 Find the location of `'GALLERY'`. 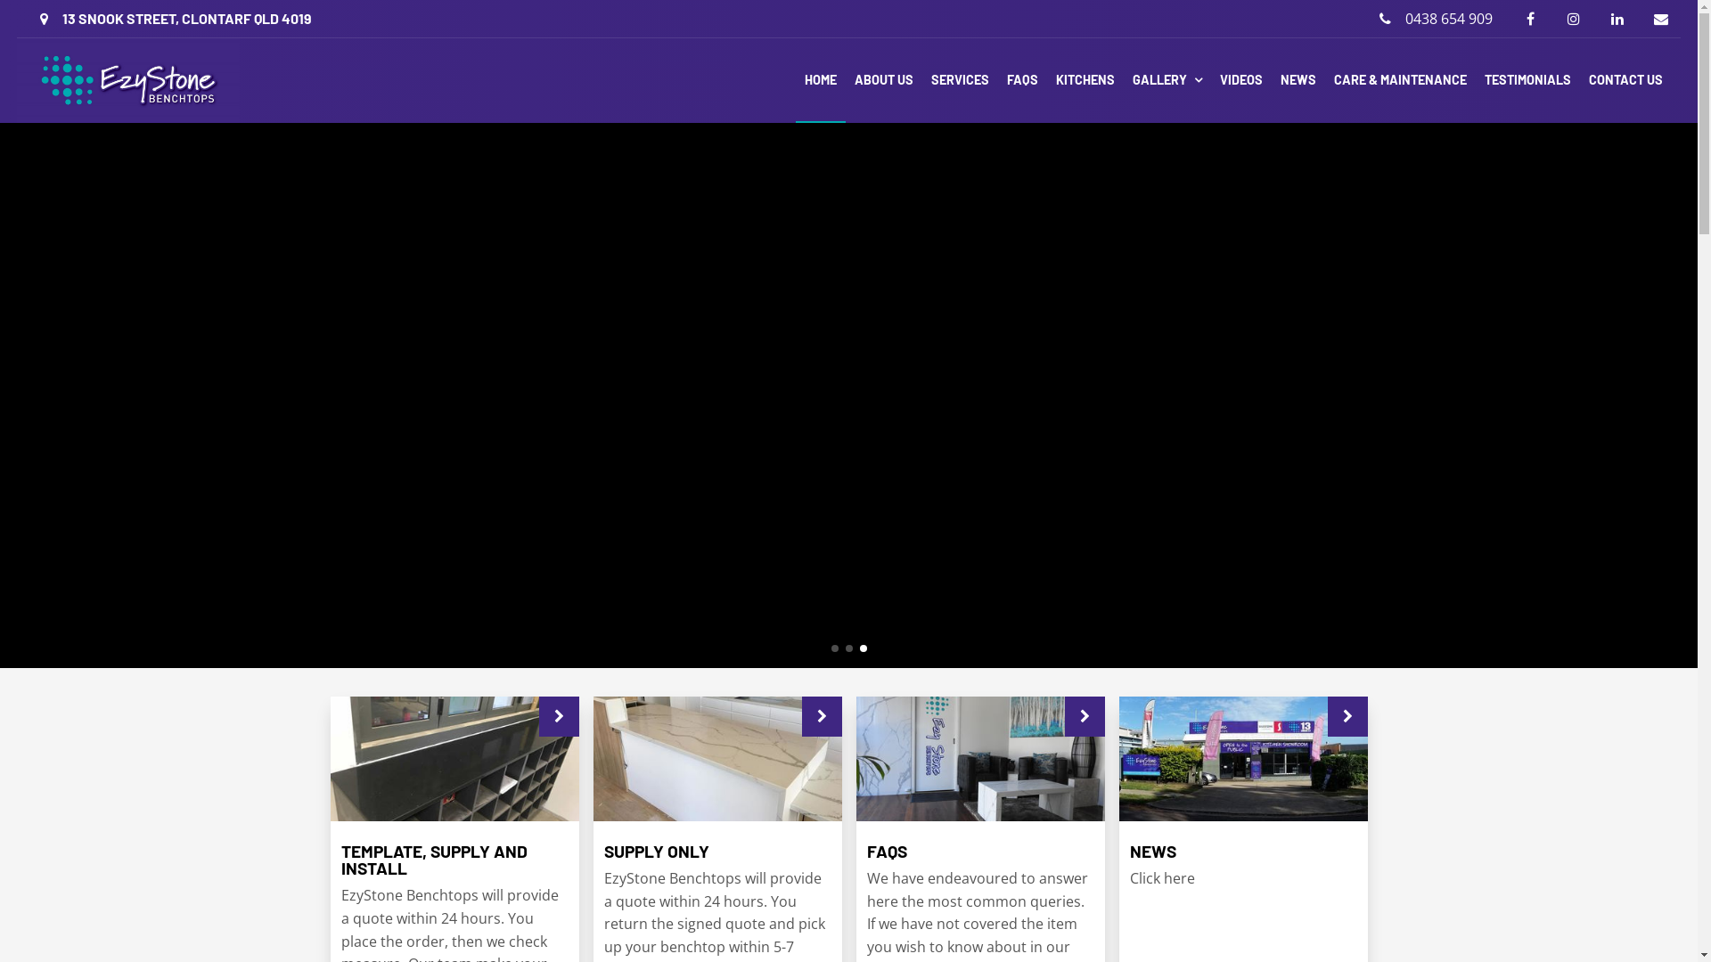

'GALLERY' is located at coordinates (1123, 80).